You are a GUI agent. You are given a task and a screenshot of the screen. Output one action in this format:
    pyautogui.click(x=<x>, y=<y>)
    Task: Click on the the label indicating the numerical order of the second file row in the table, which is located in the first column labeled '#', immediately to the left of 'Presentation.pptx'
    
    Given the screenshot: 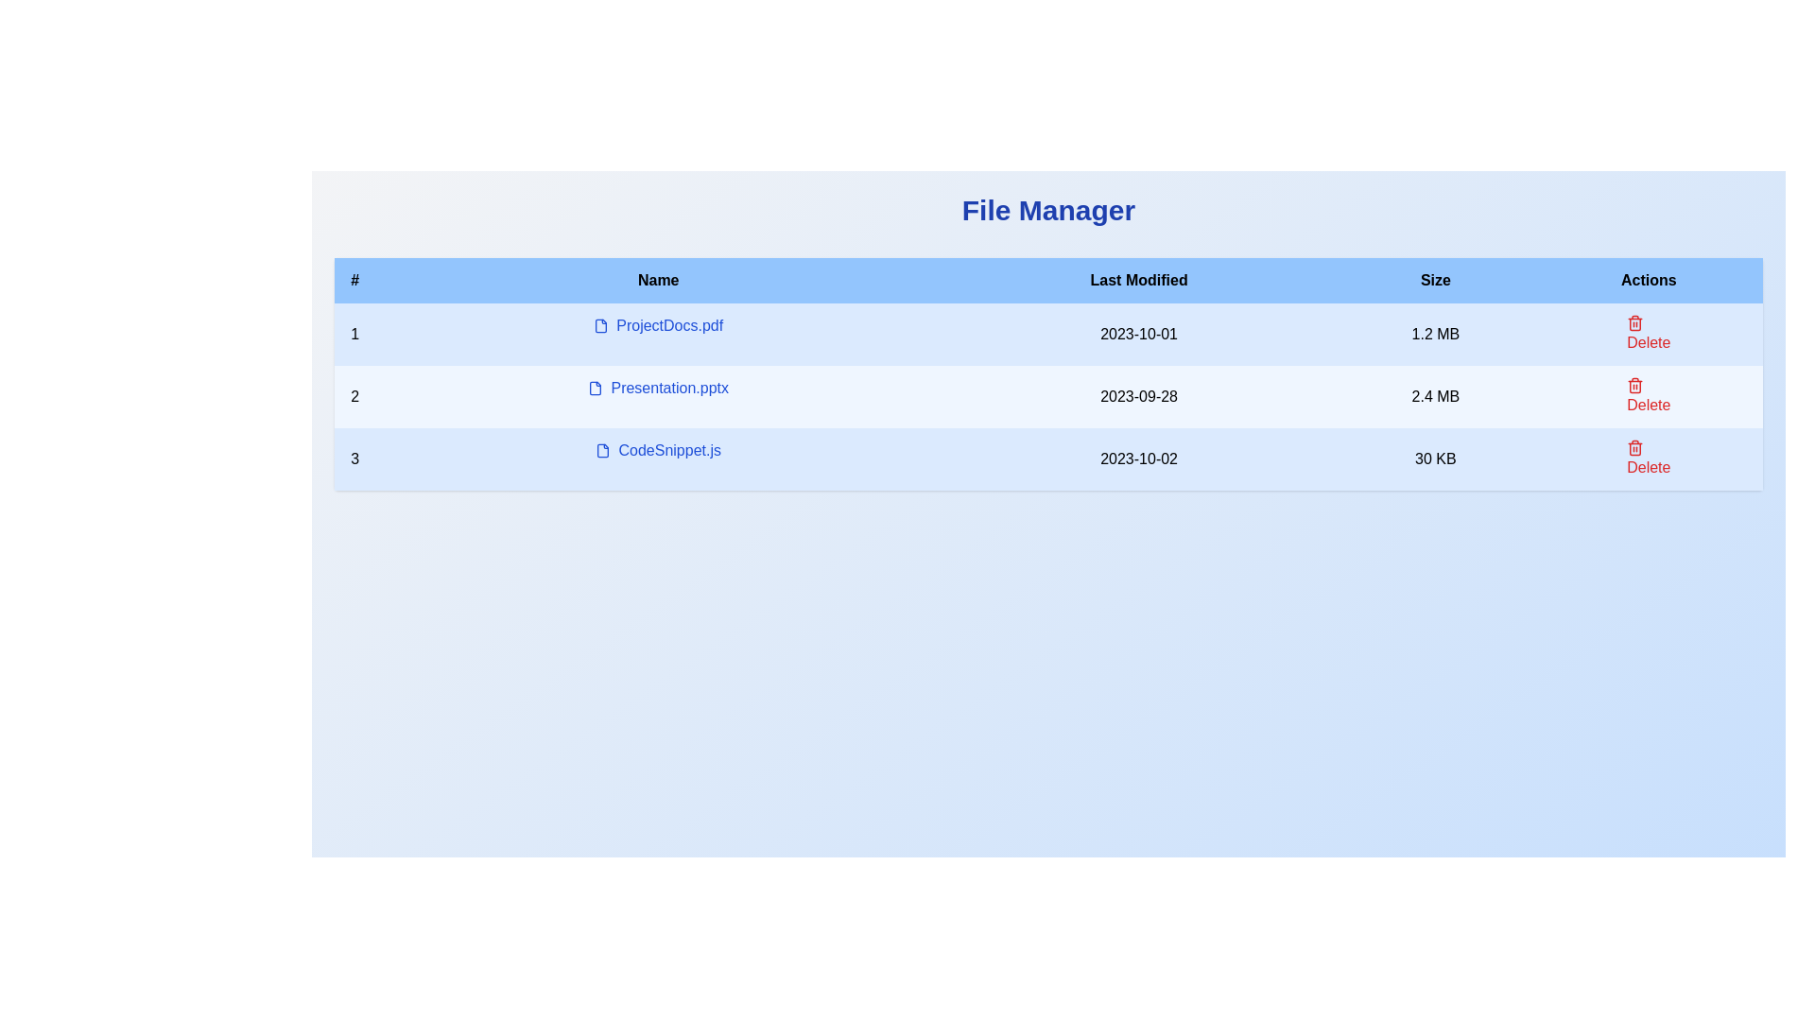 What is the action you would take?
    pyautogui.click(x=354, y=396)
    